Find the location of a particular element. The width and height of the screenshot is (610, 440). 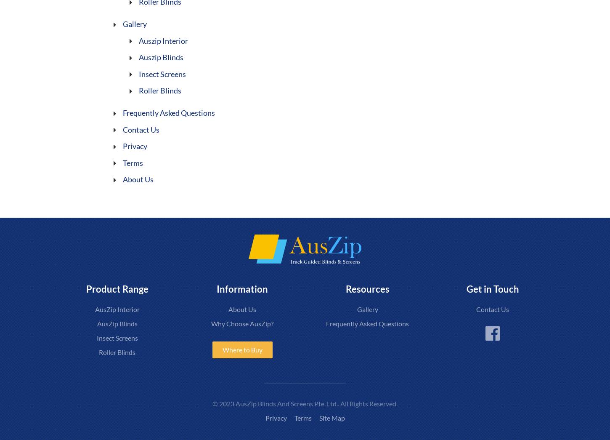

'Where to Buy' is located at coordinates (242, 349).